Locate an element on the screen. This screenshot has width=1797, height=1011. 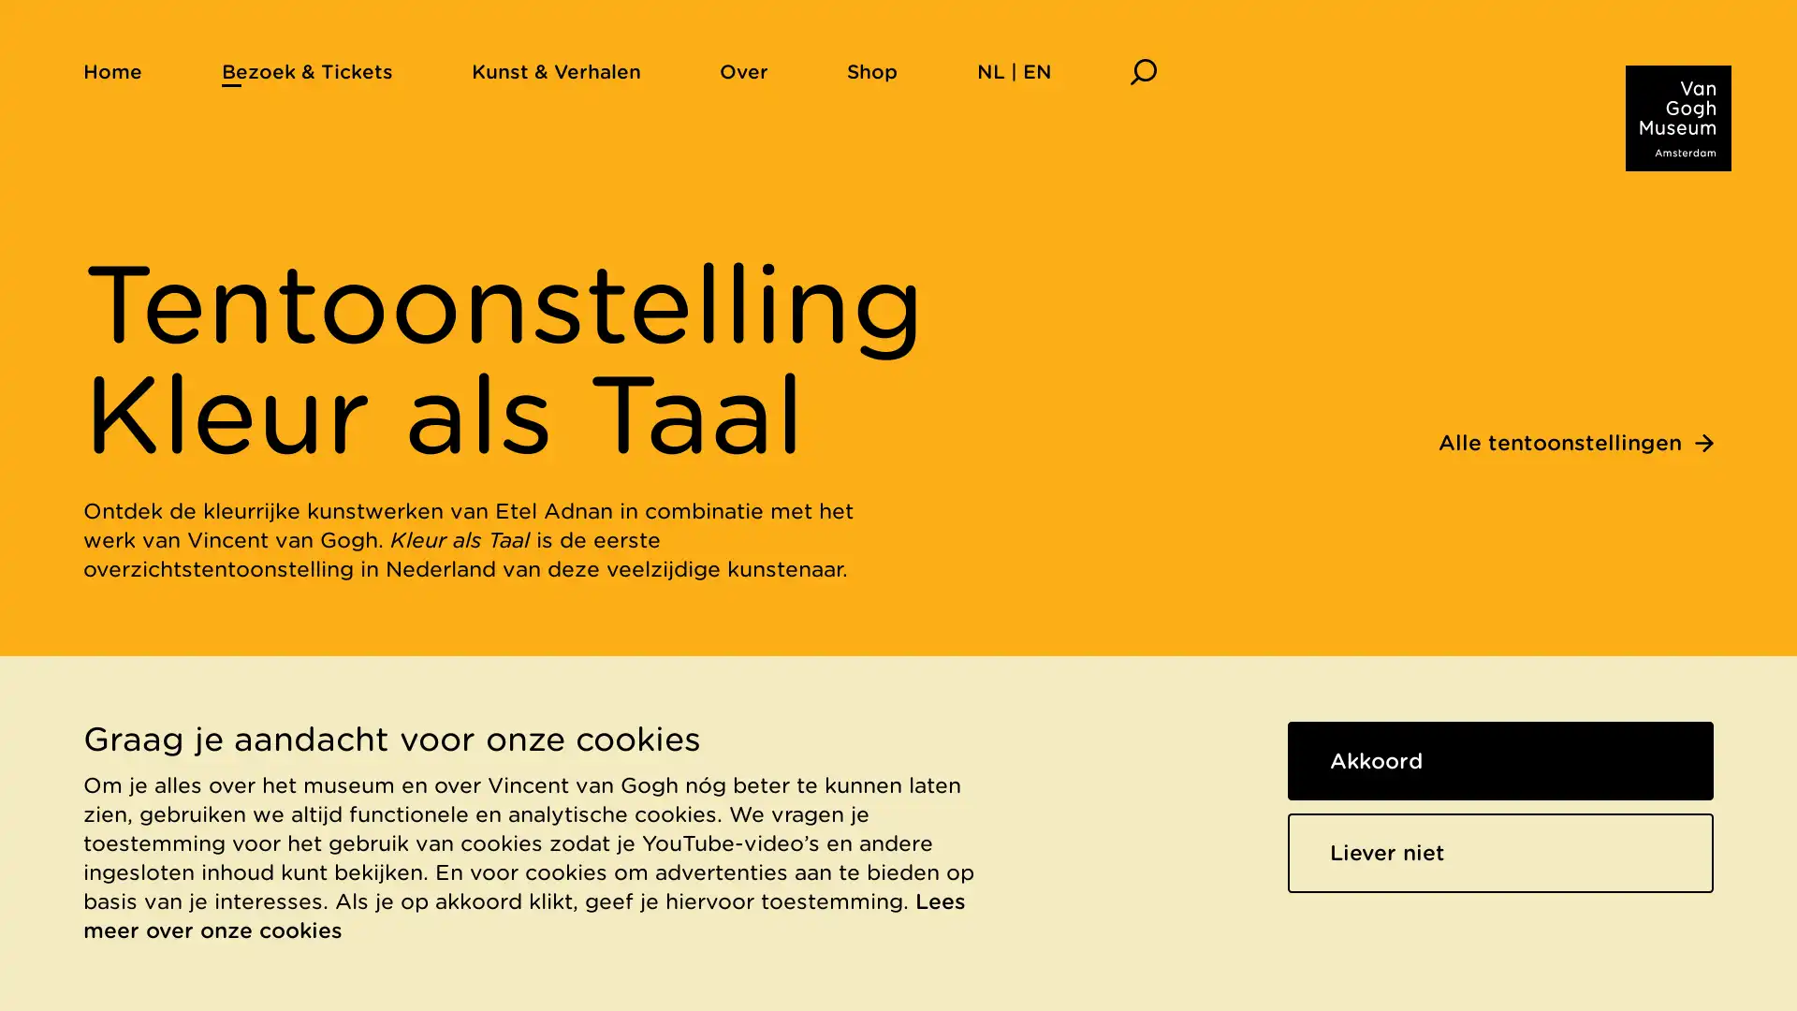
Akkoord is located at coordinates (1500, 760).